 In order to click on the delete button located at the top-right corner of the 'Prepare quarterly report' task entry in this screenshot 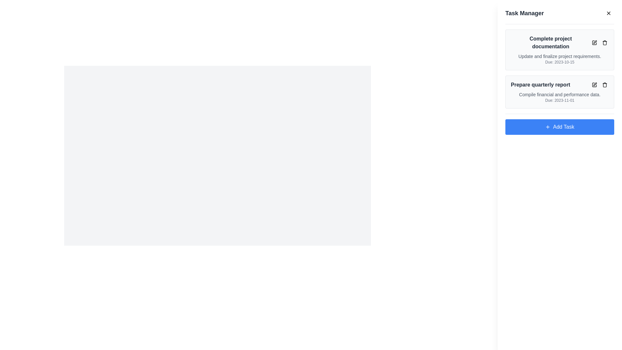, I will do `click(605, 85)`.